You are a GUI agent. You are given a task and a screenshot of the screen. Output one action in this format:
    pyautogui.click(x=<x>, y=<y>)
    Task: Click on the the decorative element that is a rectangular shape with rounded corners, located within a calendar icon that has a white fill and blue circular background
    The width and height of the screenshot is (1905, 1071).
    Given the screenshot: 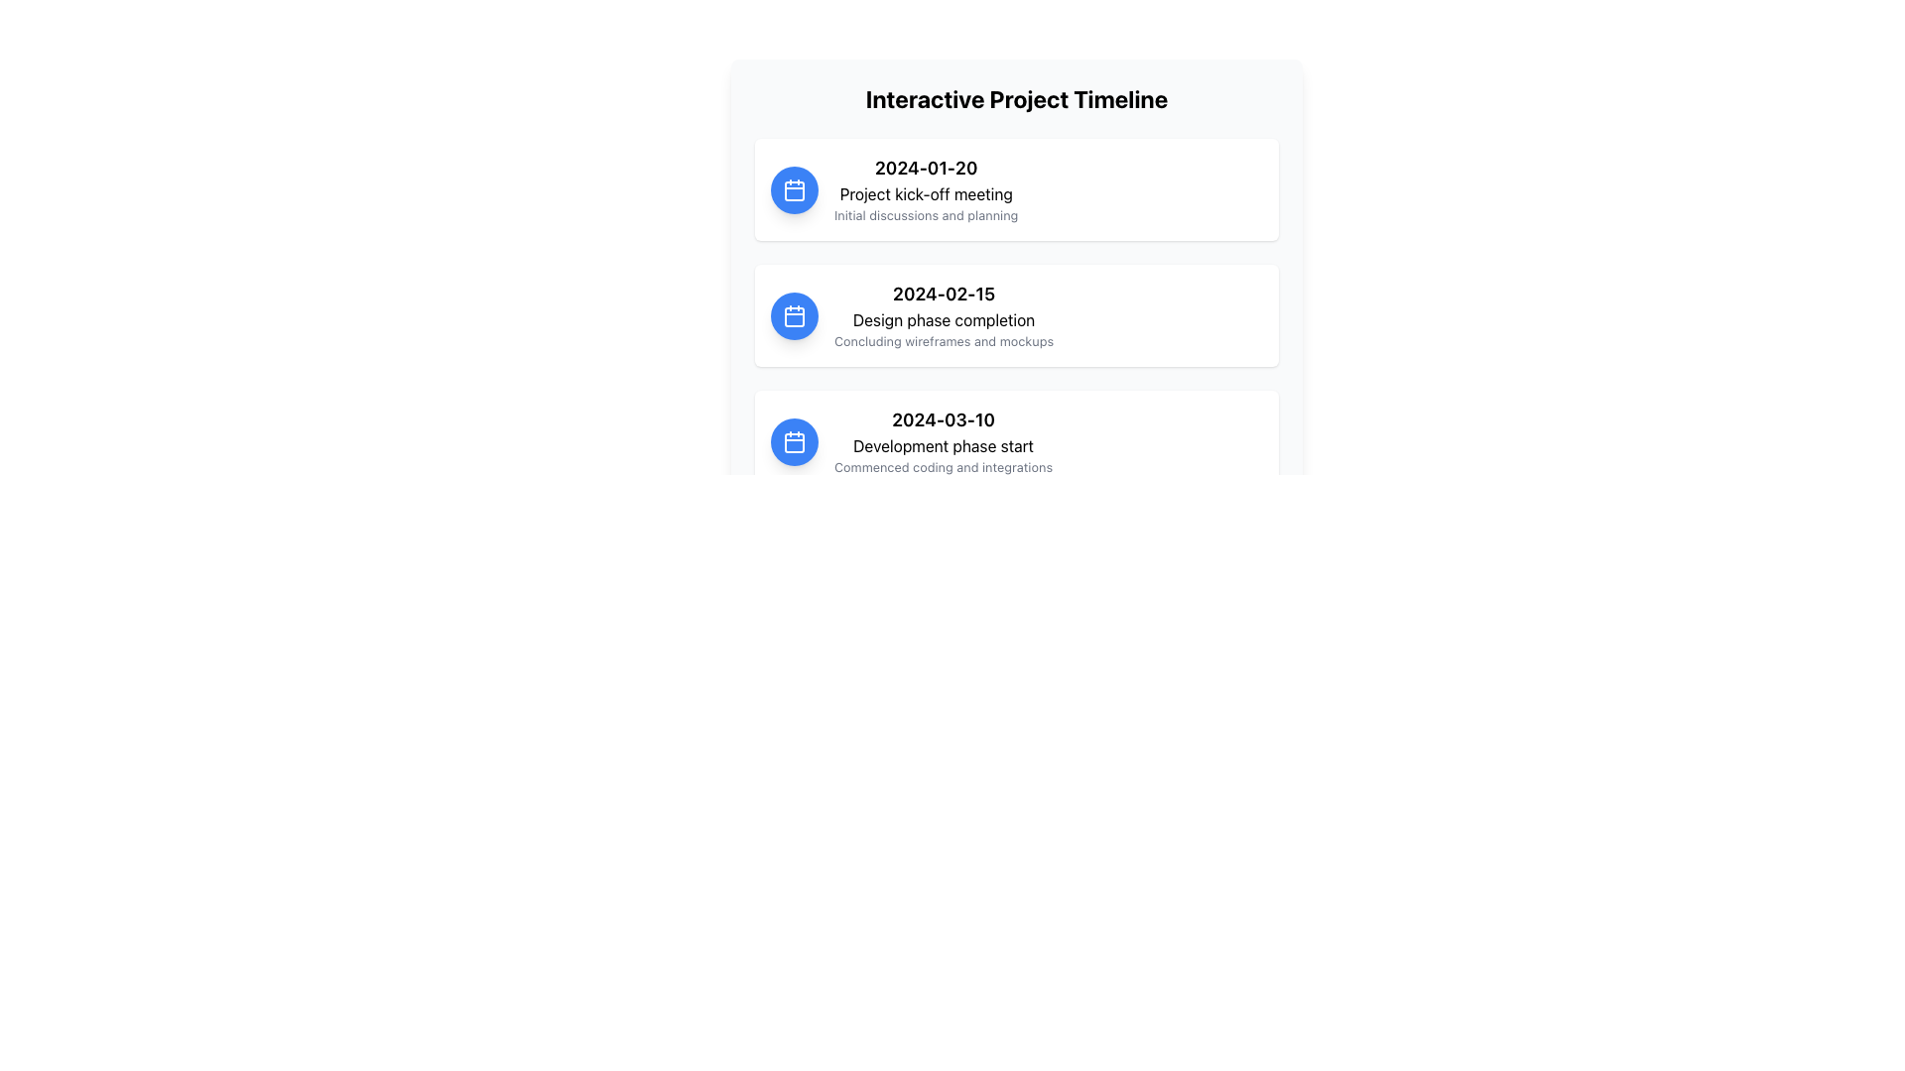 What is the action you would take?
    pyautogui.click(x=795, y=190)
    